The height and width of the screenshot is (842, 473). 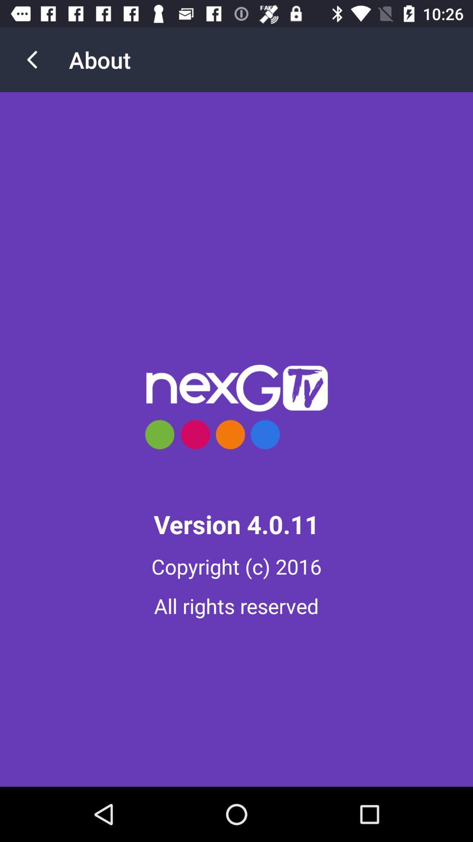 I want to click on app to the left of the about app, so click(x=32, y=59).